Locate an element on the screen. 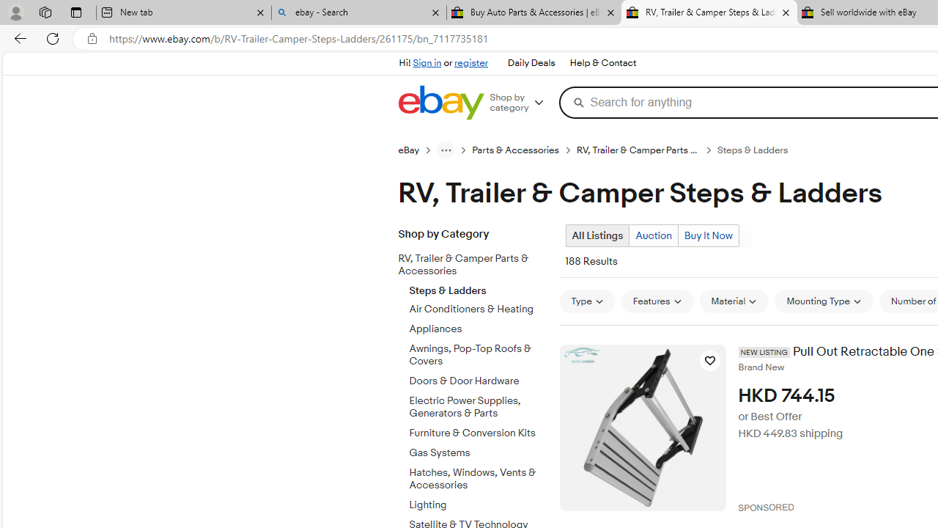 The image size is (938, 528). 'Buy It Now' is located at coordinates (708, 235).